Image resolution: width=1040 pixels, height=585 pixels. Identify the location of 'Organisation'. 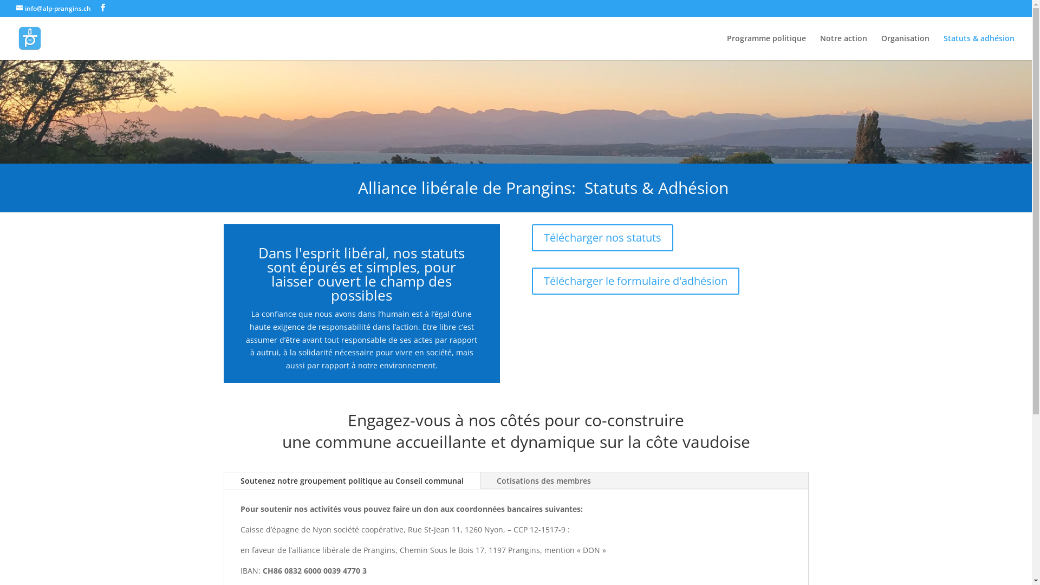
(905, 47).